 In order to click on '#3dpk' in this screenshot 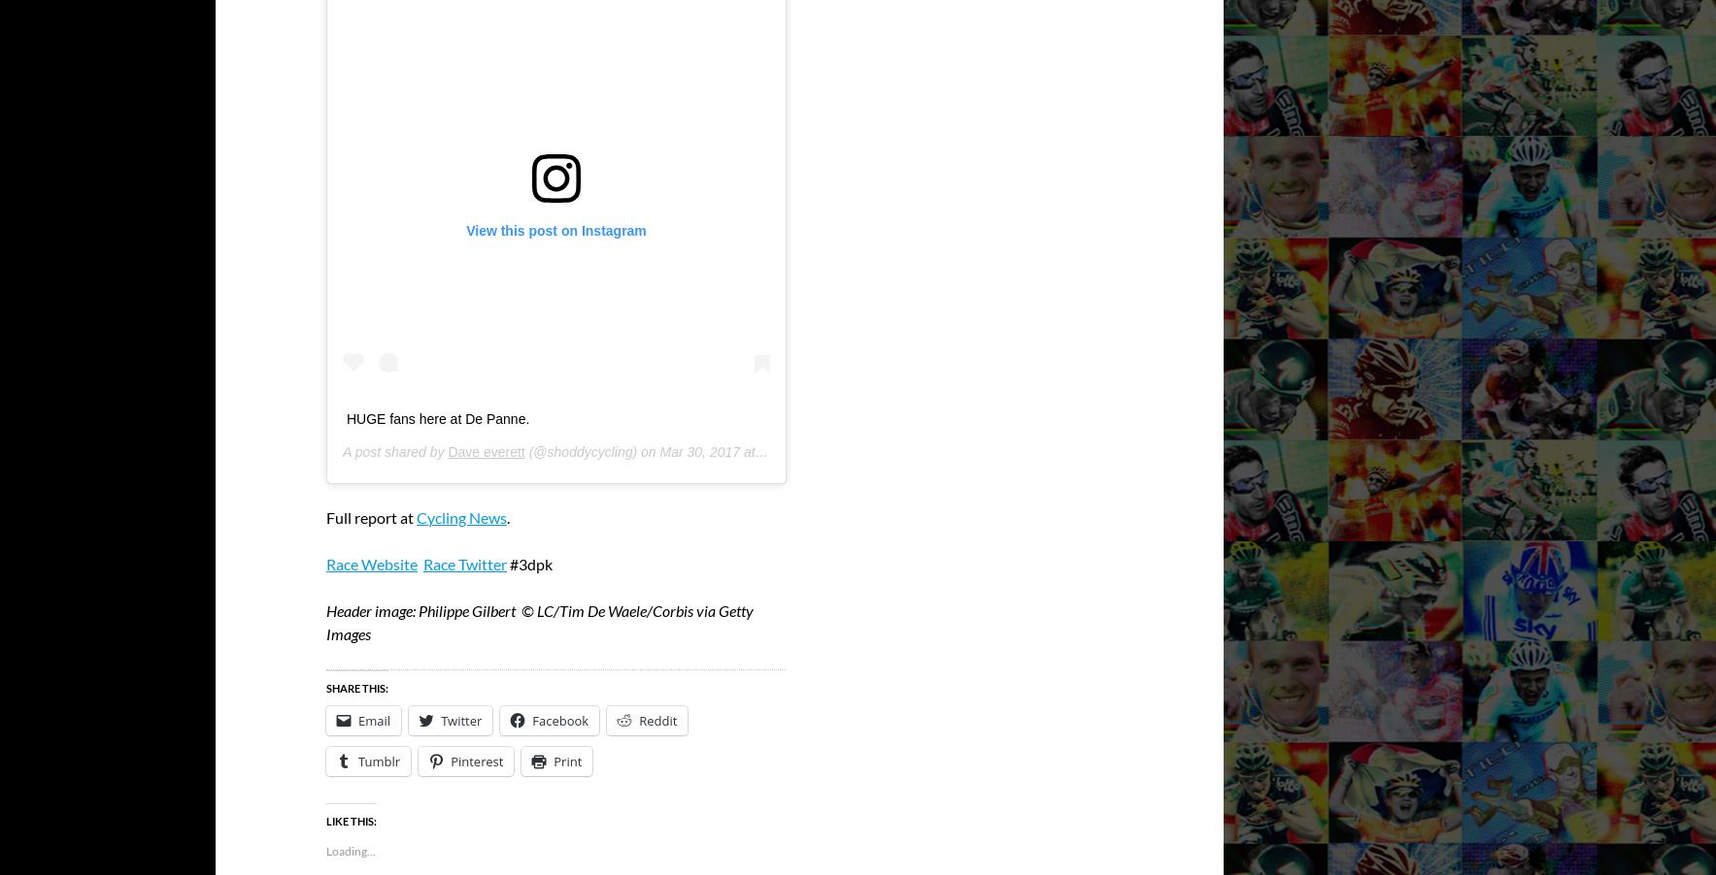, I will do `click(529, 564)`.